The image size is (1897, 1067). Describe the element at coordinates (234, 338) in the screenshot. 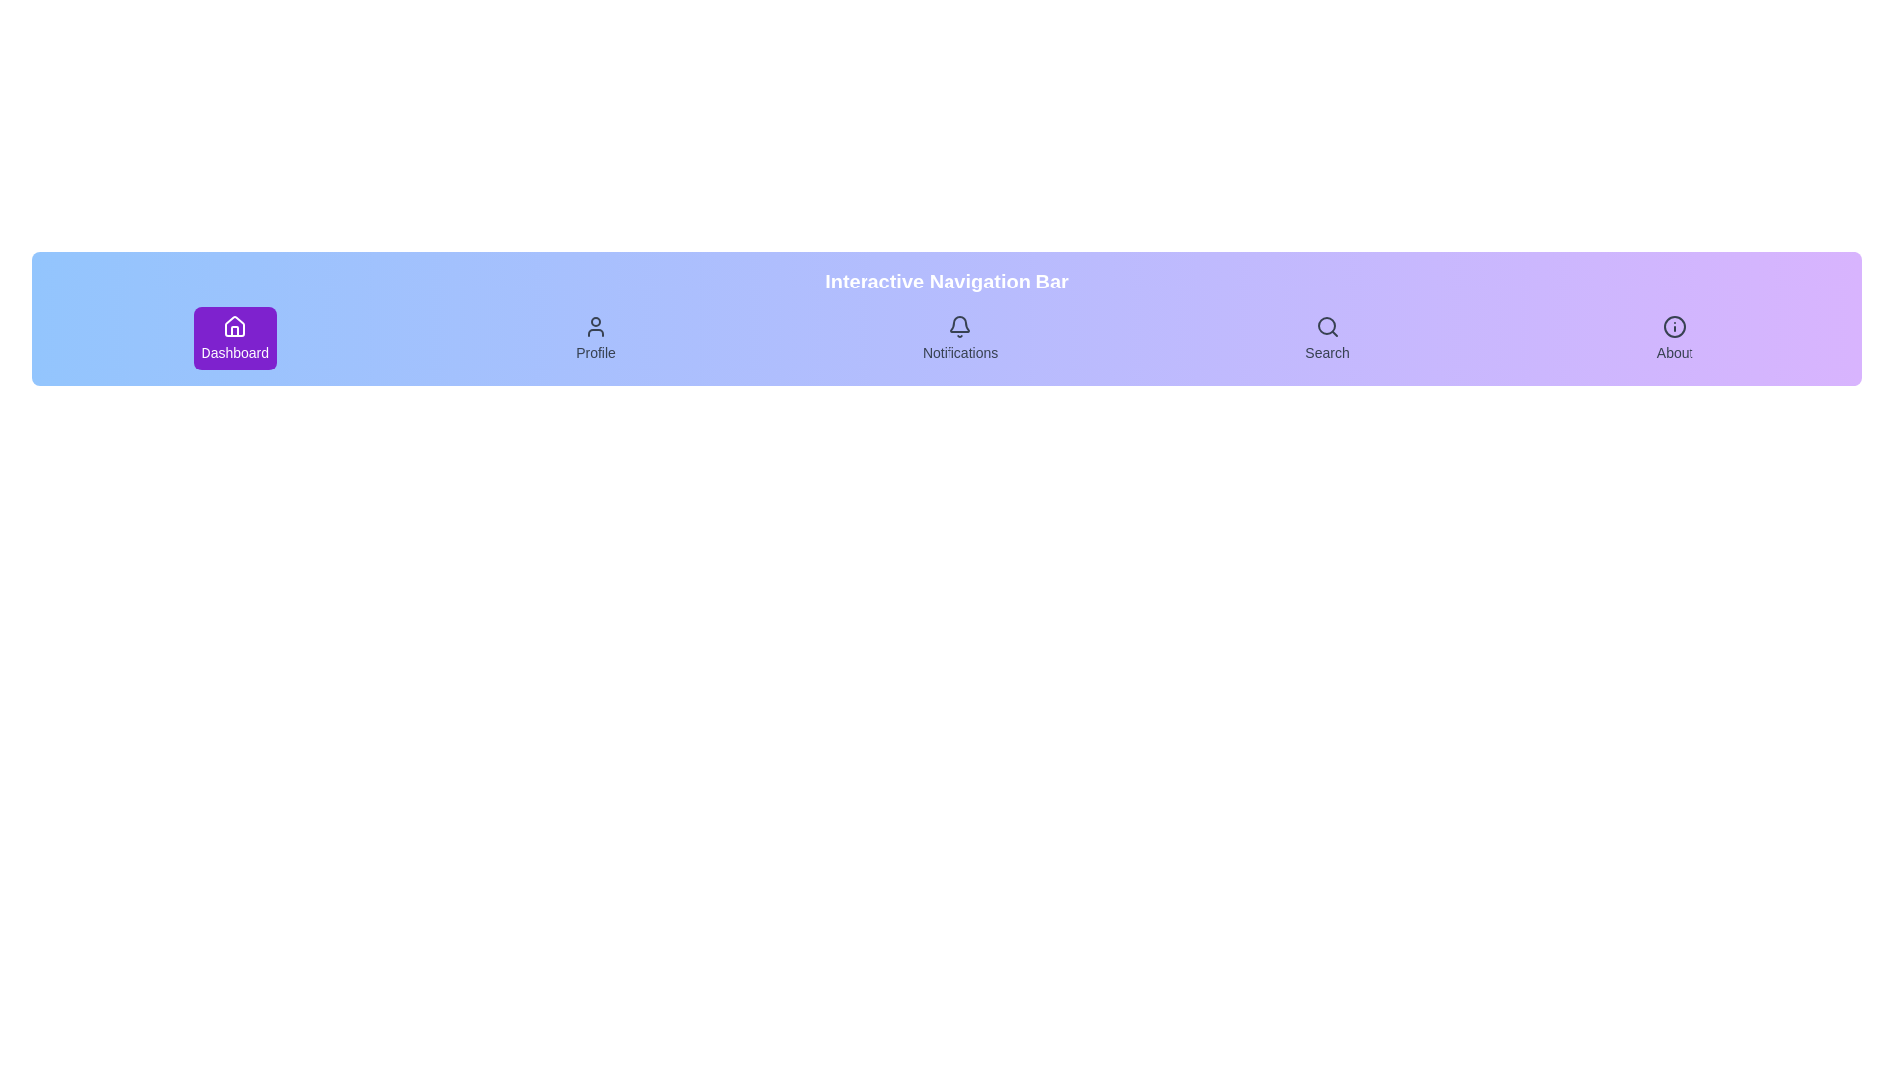

I see `the navigation item labeled Dashboard to activate it` at that location.